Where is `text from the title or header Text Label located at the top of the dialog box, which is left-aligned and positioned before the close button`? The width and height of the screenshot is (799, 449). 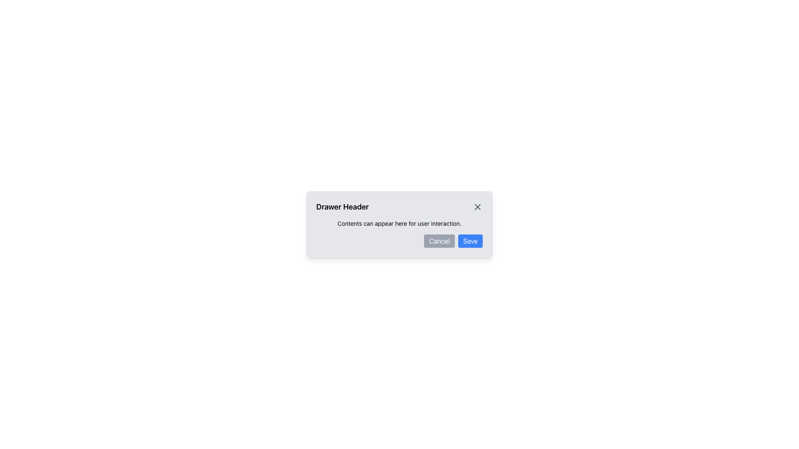
text from the title or header Text Label located at the top of the dialog box, which is left-aligned and positioned before the close button is located at coordinates (342, 206).